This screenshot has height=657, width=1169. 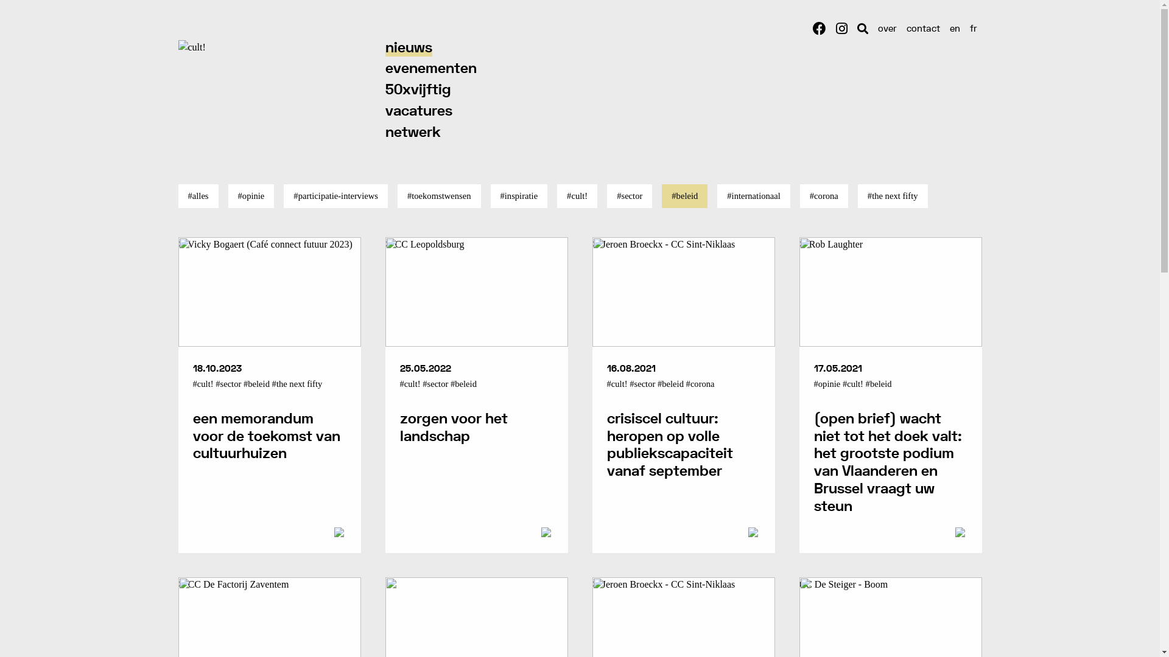 I want to click on '#inspiratie', so click(x=519, y=195).